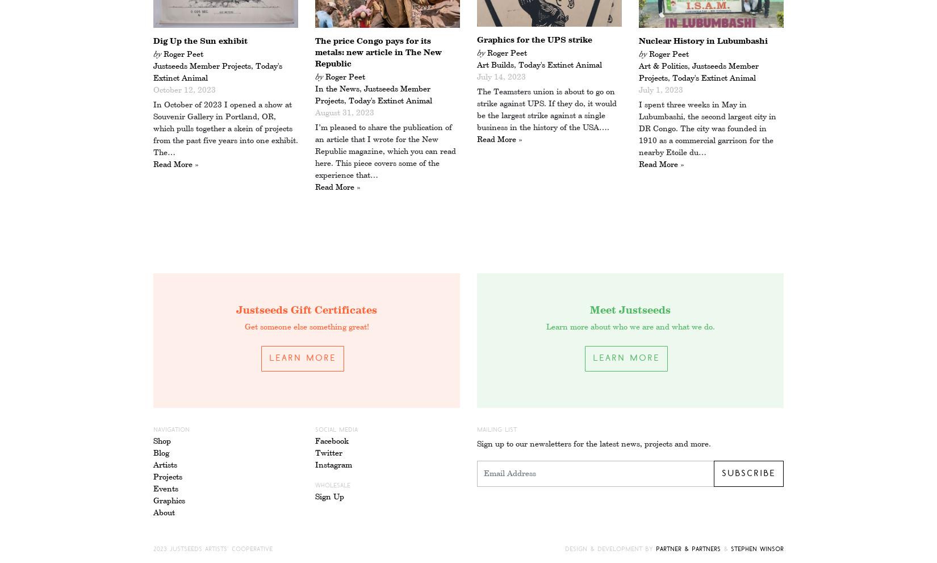 The height and width of the screenshot is (563, 937). Describe the element at coordinates (501, 76) in the screenshot. I see `'July 14, 2023'` at that location.